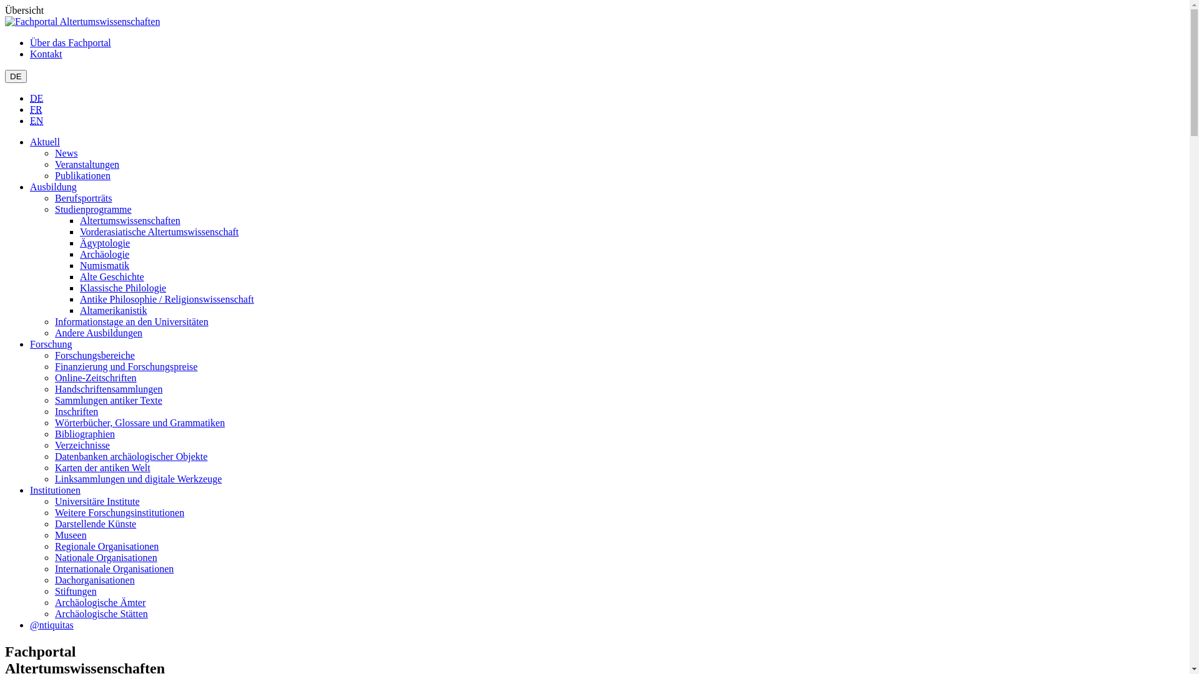 This screenshot has height=674, width=1199. I want to click on 'Stiftungen', so click(54, 590).